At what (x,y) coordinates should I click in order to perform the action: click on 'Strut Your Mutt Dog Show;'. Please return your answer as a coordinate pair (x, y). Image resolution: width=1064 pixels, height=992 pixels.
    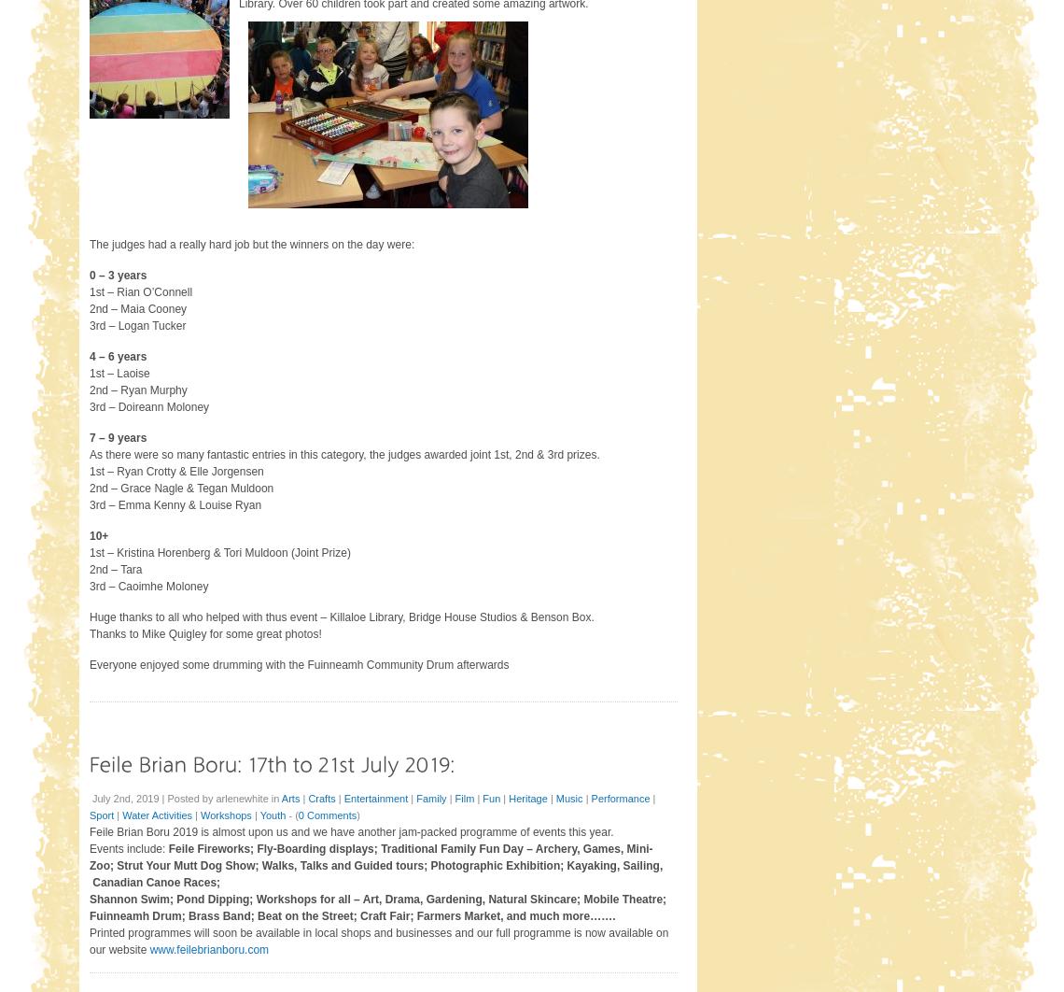
    Looking at the image, I should click on (115, 863).